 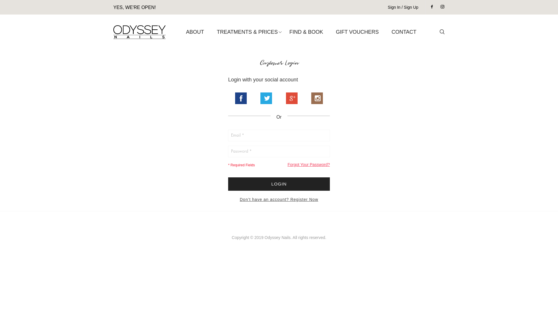 What do you see at coordinates (279, 151) in the screenshot?
I see `'Password'` at bounding box center [279, 151].